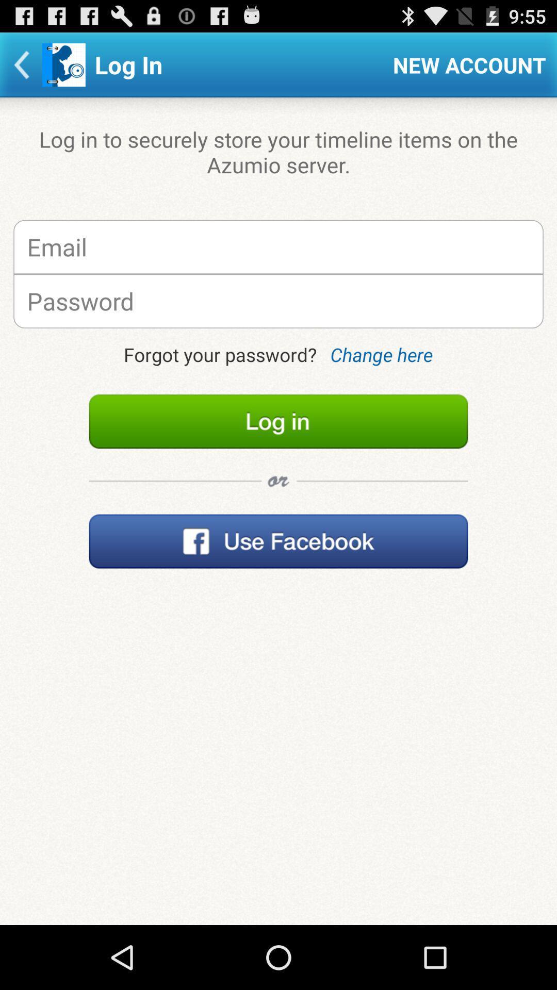  Describe the element at coordinates (381, 354) in the screenshot. I see `the app to the right of the forgot your password? app` at that location.